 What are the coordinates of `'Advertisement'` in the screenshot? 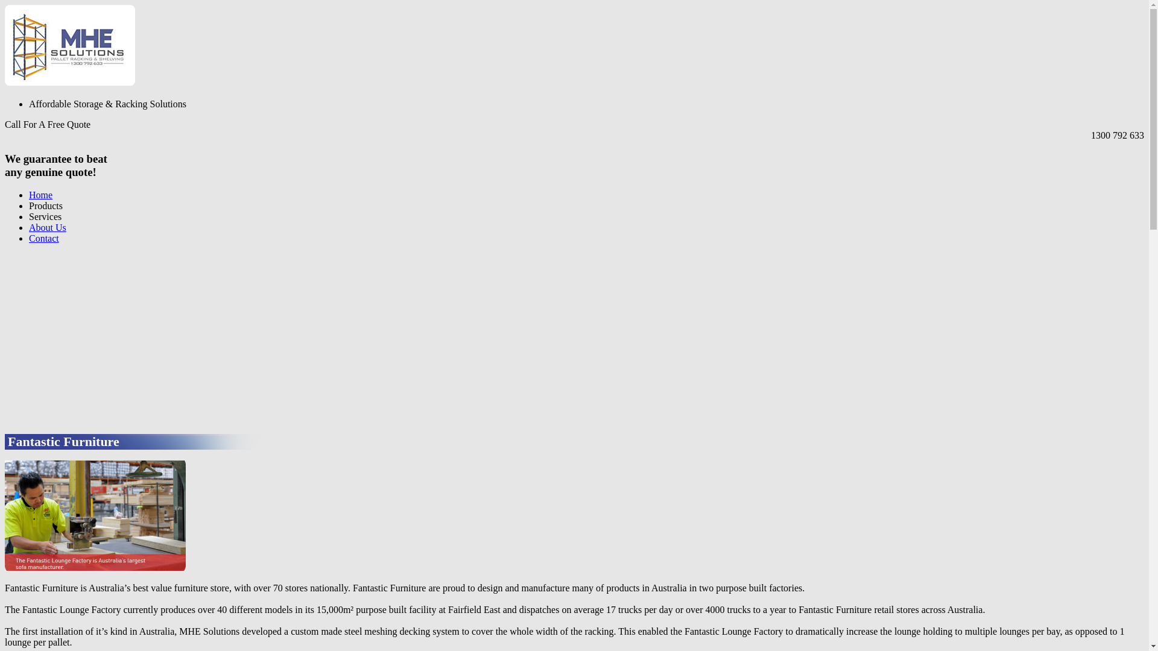 It's located at (5, 338).